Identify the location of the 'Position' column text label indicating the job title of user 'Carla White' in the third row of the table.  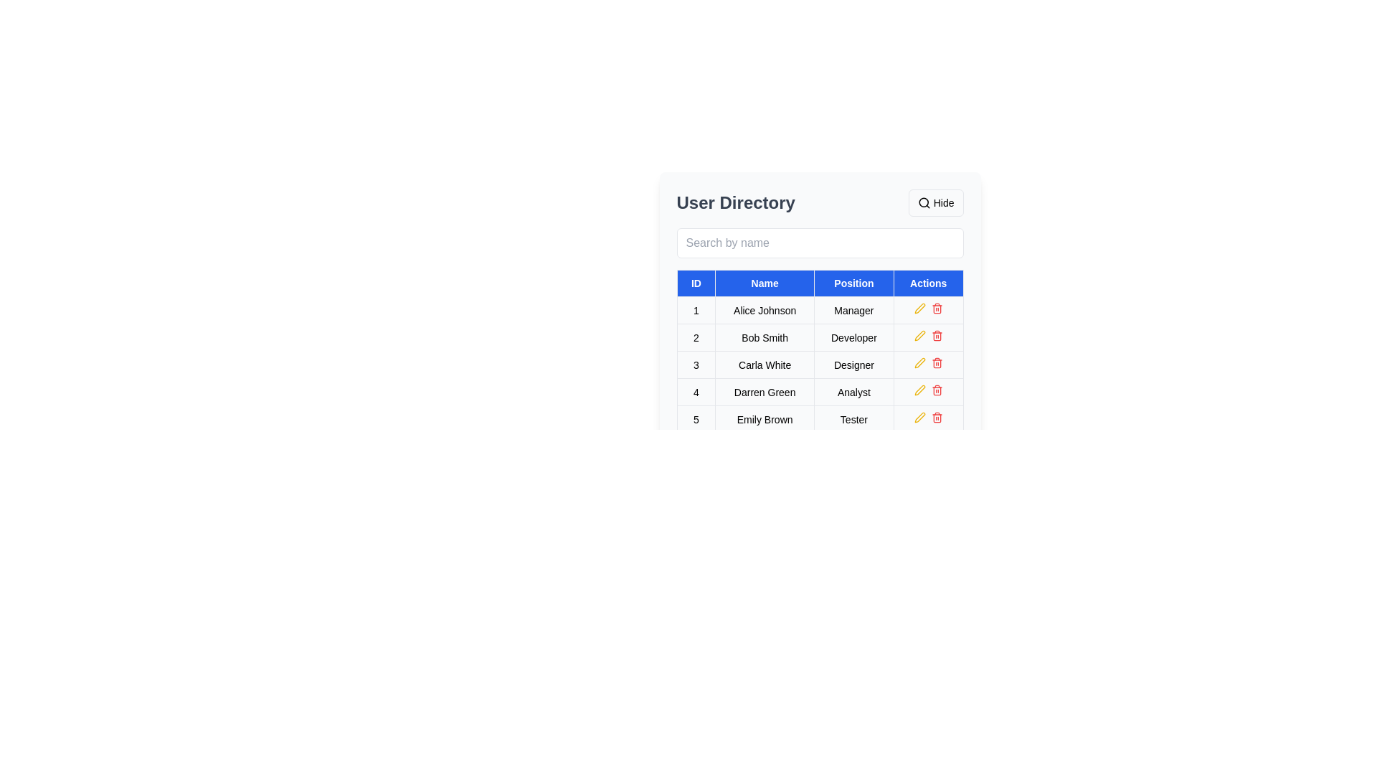
(853, 364).